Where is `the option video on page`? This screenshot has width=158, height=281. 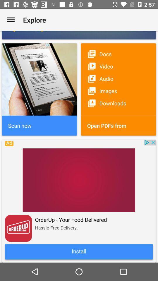
the option video on page is located at coordinates (118, 66).